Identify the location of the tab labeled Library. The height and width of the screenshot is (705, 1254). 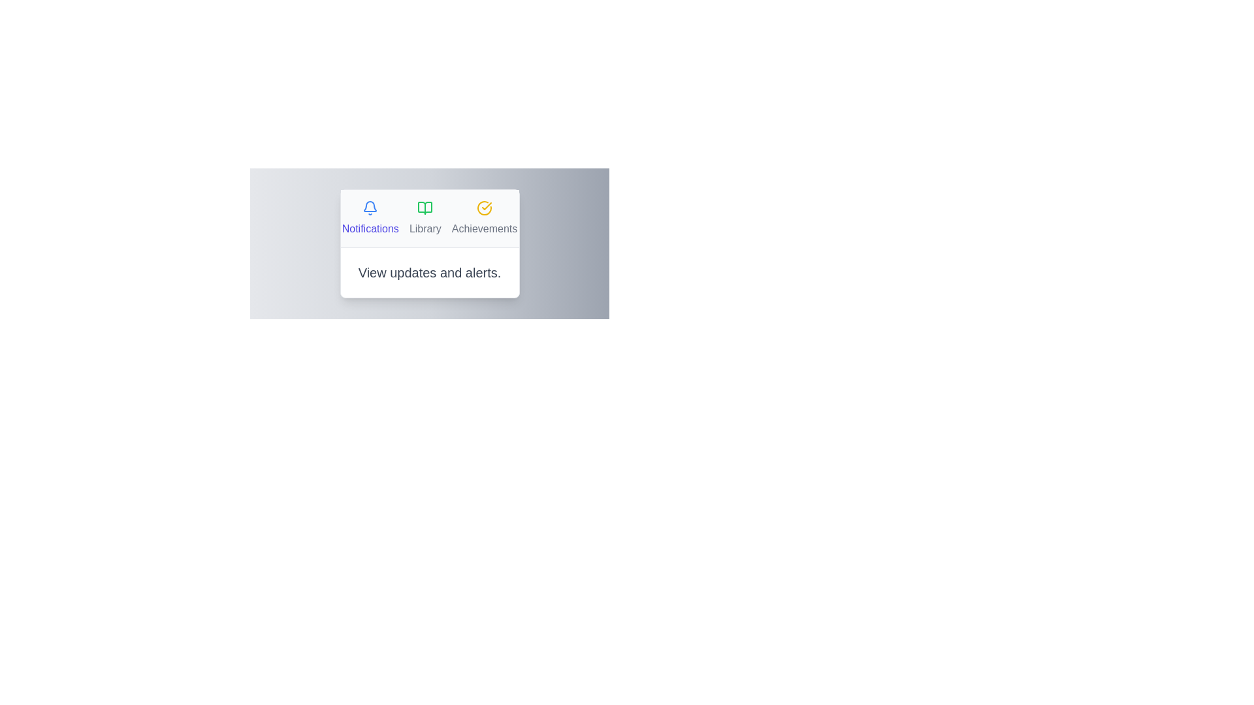
(425, 218).